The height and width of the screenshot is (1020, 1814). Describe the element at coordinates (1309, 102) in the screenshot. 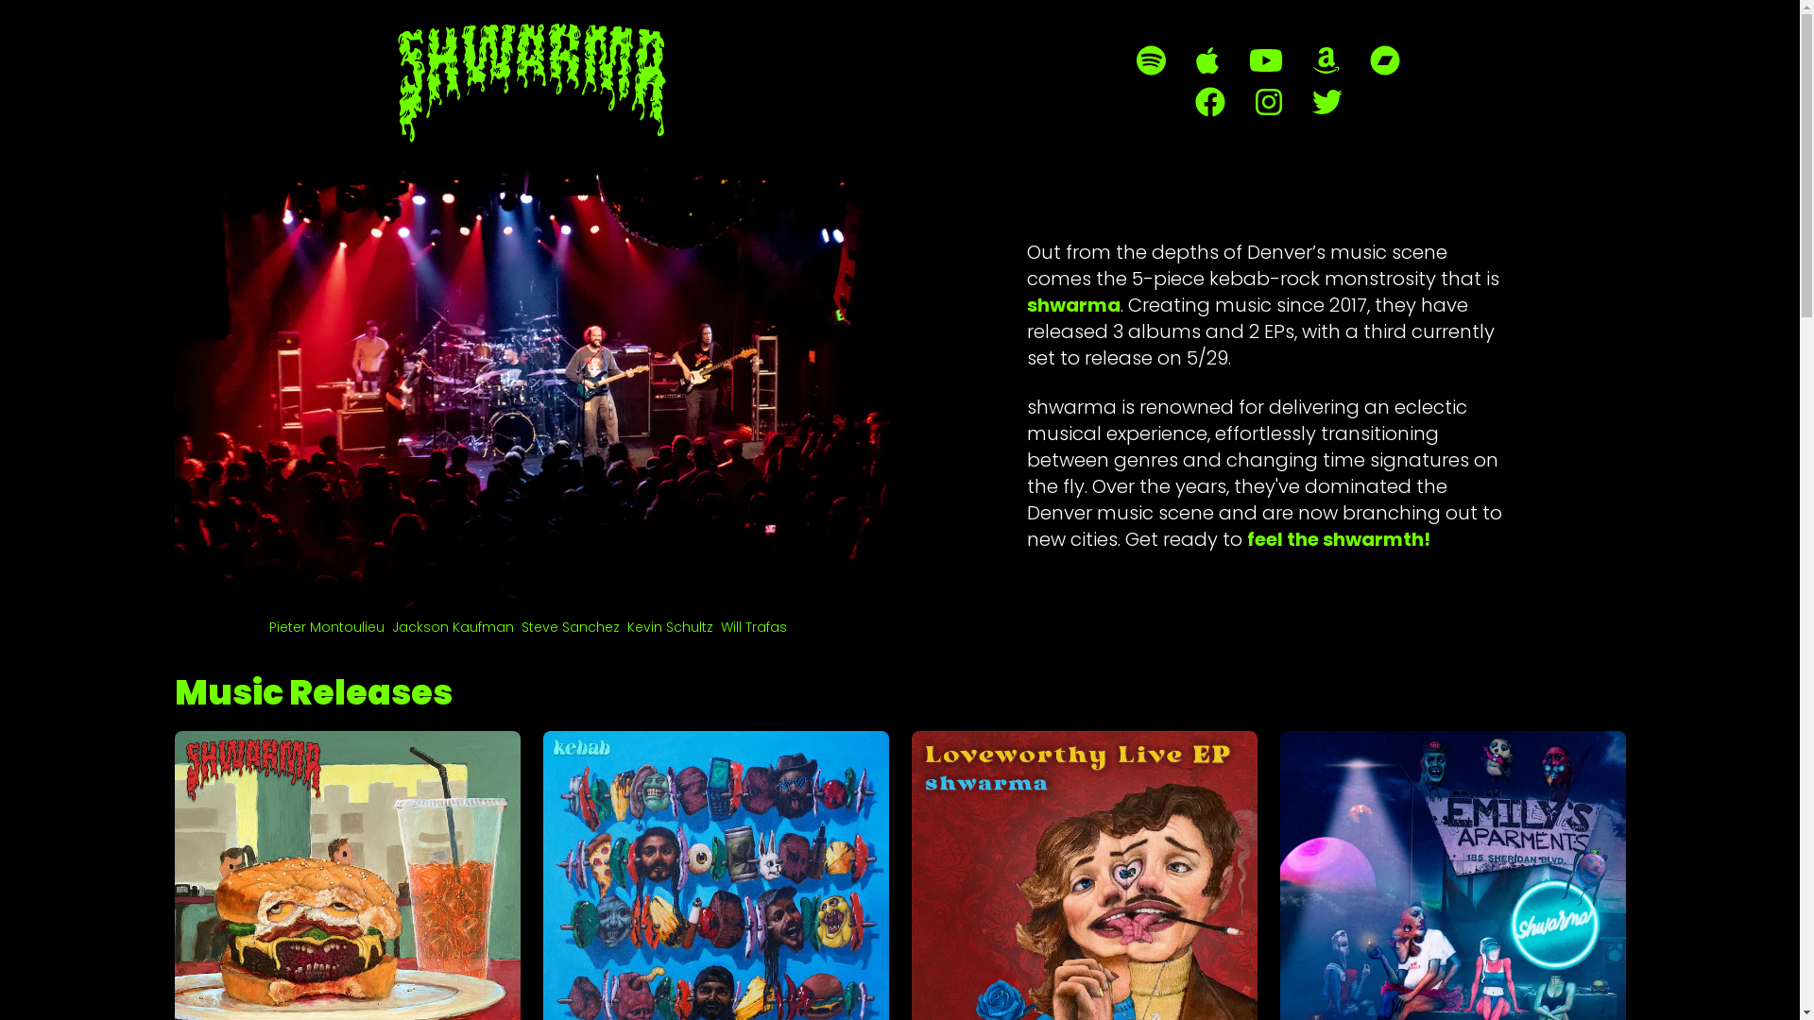

I see `'Twitter'` at that location.